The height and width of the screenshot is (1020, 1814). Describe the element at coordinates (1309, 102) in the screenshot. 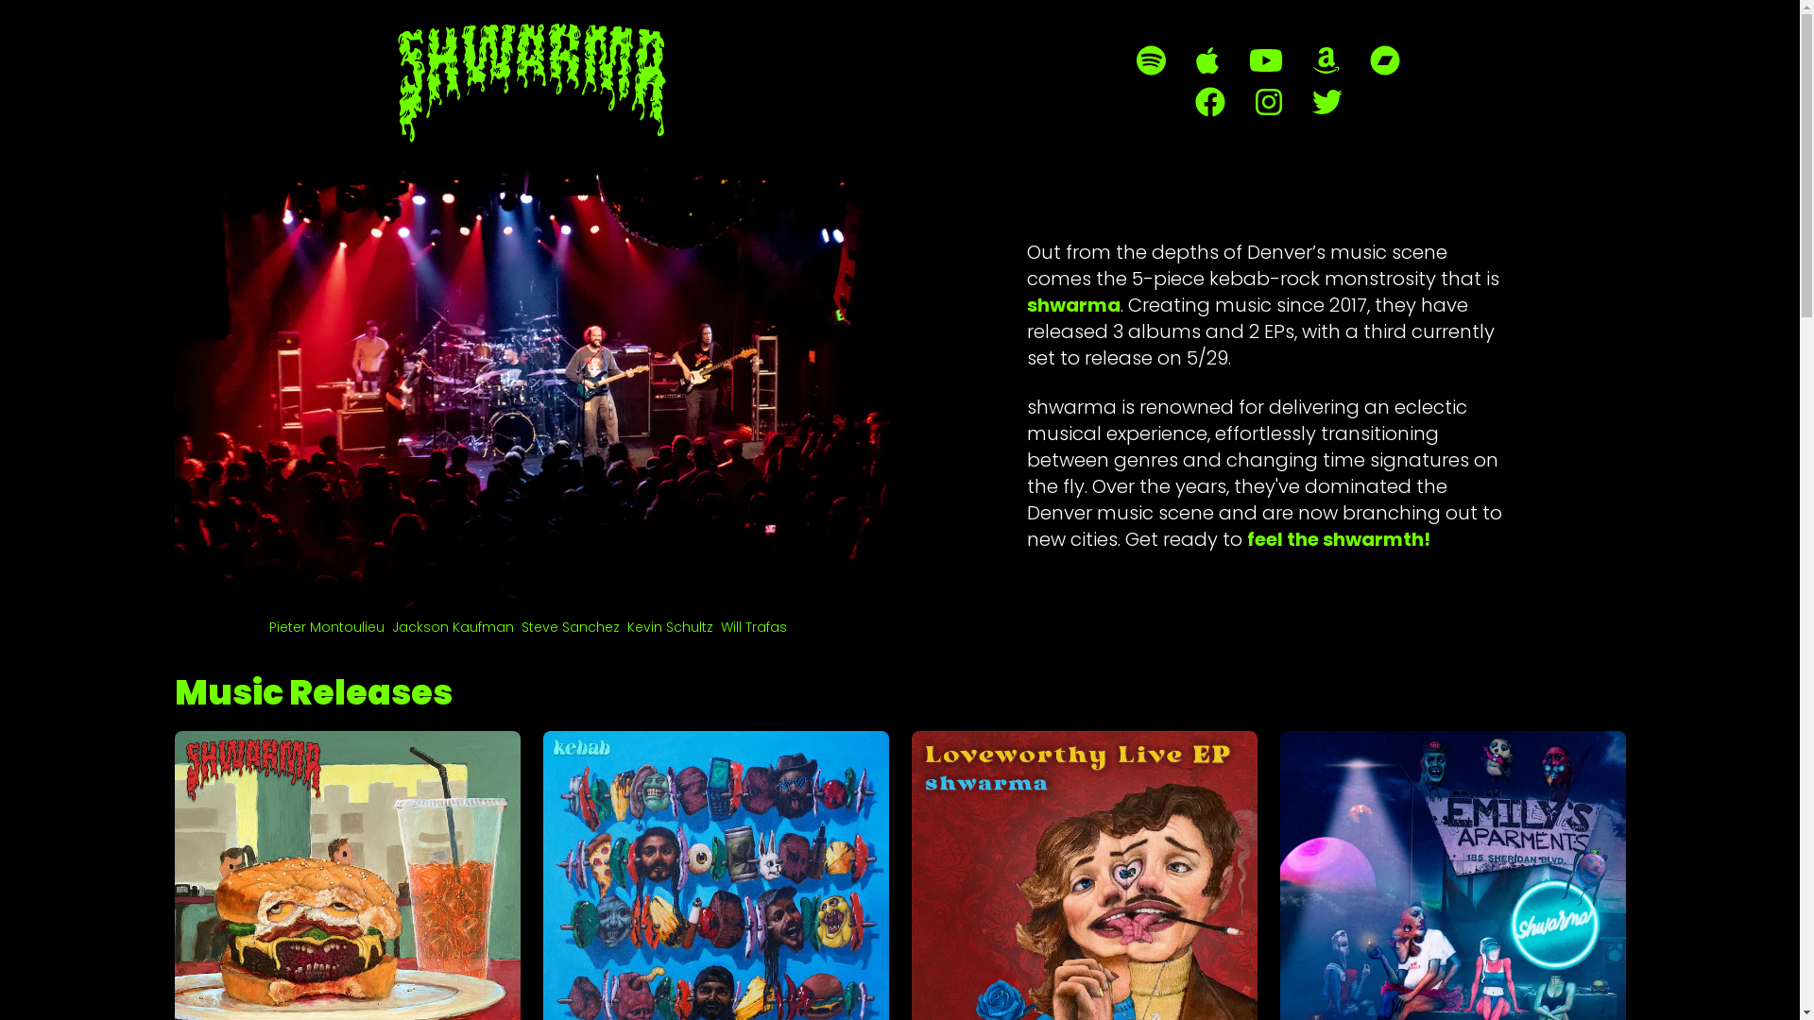

I see `'Twitter'` at that location.